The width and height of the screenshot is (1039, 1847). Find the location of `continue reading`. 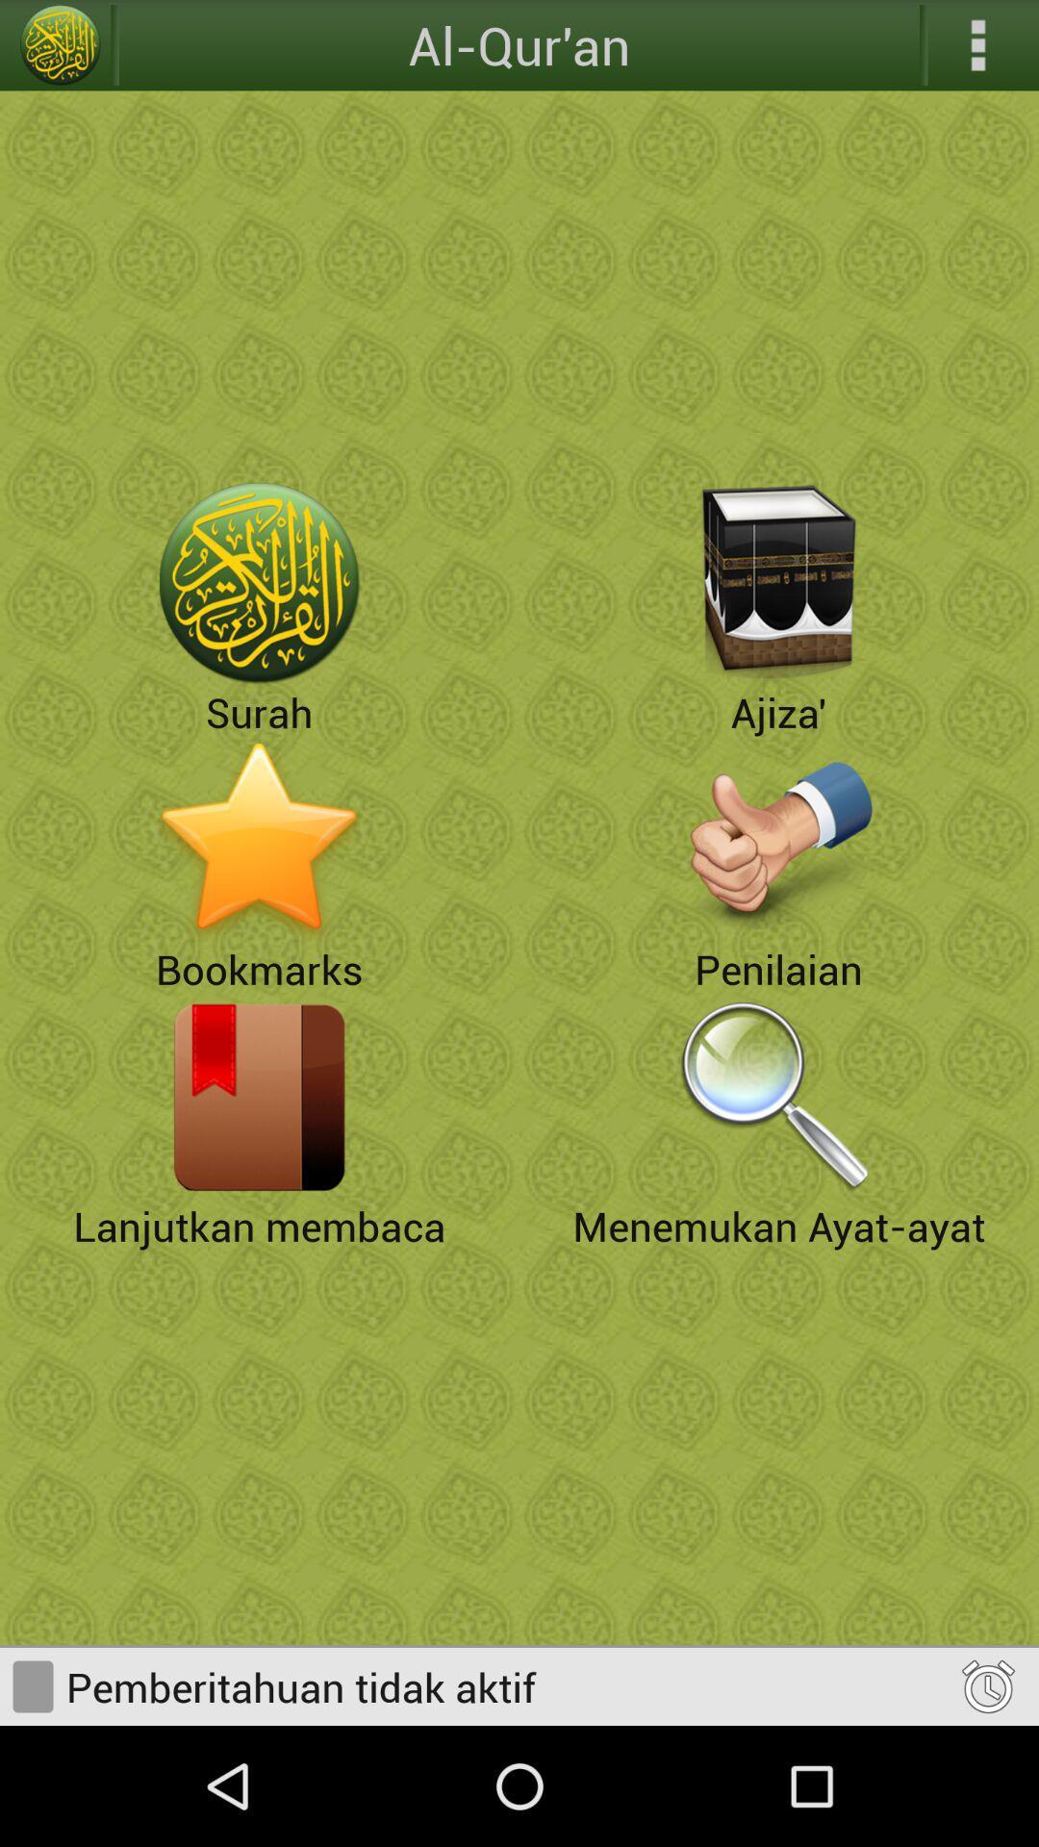

continue reading is located at coordinates (260, 1097).